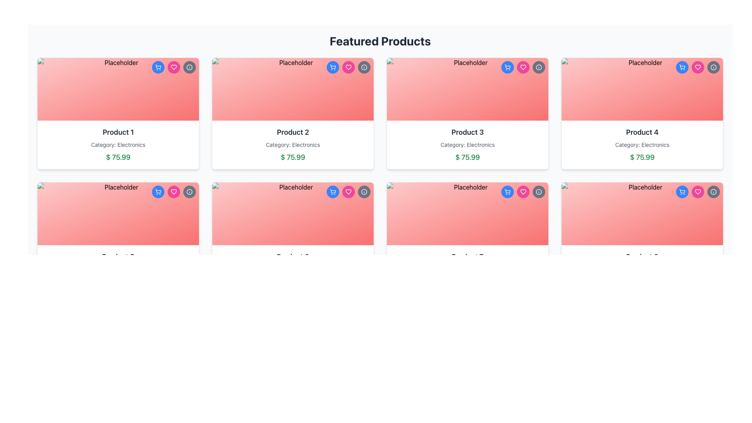  I want to click on the circular icon button with a lowercase 'i' in the center, which is located in the top-right corner of the Product 2 card, so click(364, 67).